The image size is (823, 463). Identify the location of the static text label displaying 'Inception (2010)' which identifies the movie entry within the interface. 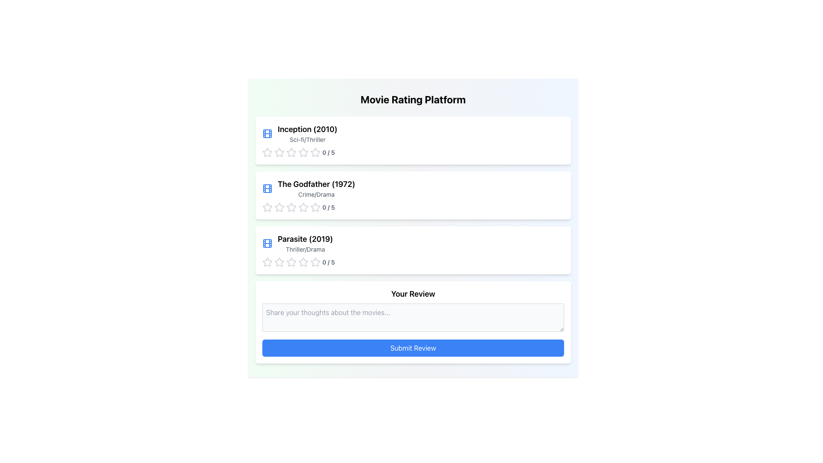
(307, 129).